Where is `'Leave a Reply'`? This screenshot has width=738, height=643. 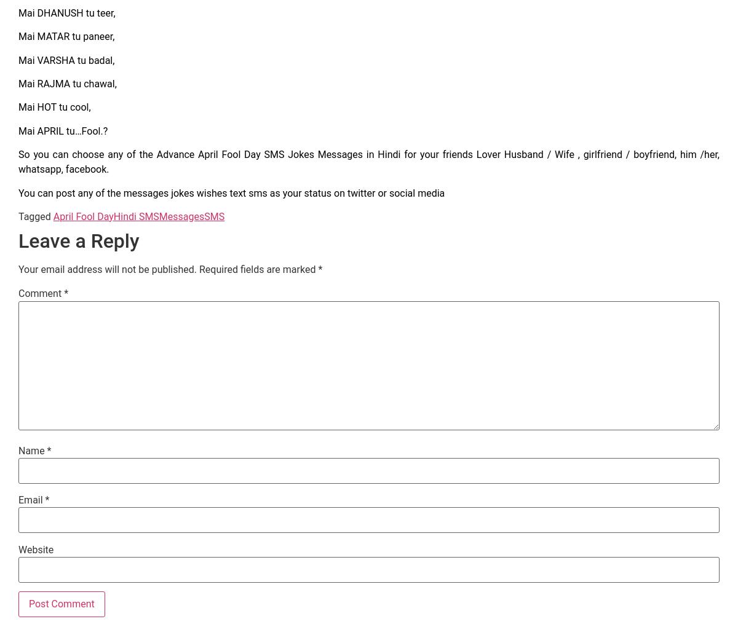
'Leave a Reply' is located at coordinates (18, 240).